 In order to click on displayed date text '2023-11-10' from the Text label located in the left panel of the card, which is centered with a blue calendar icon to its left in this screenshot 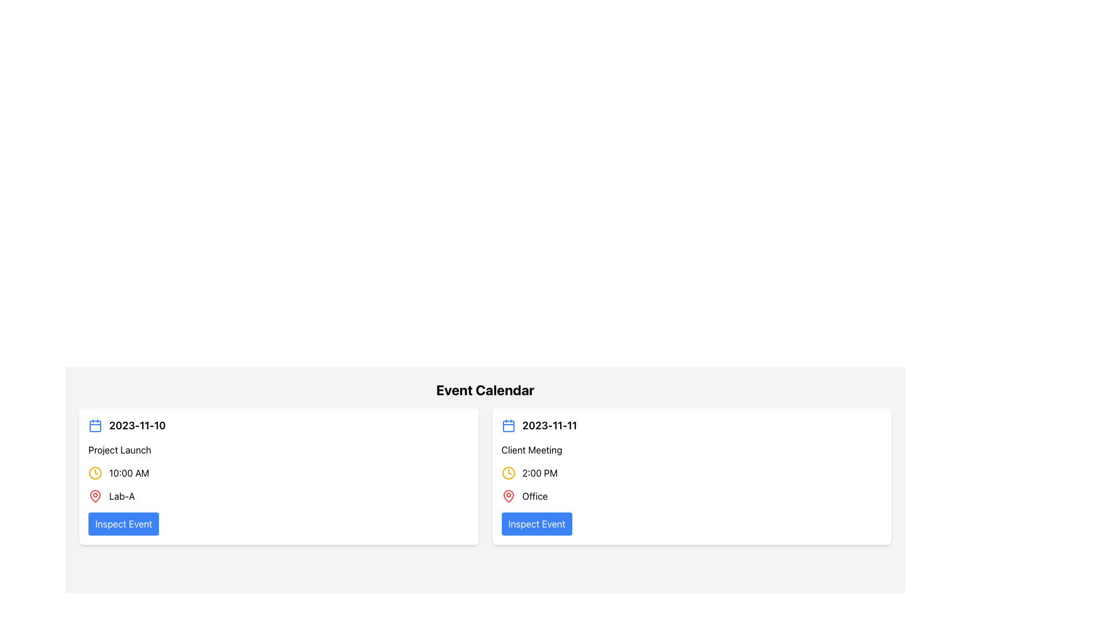, I will do `click(137, 425)`.